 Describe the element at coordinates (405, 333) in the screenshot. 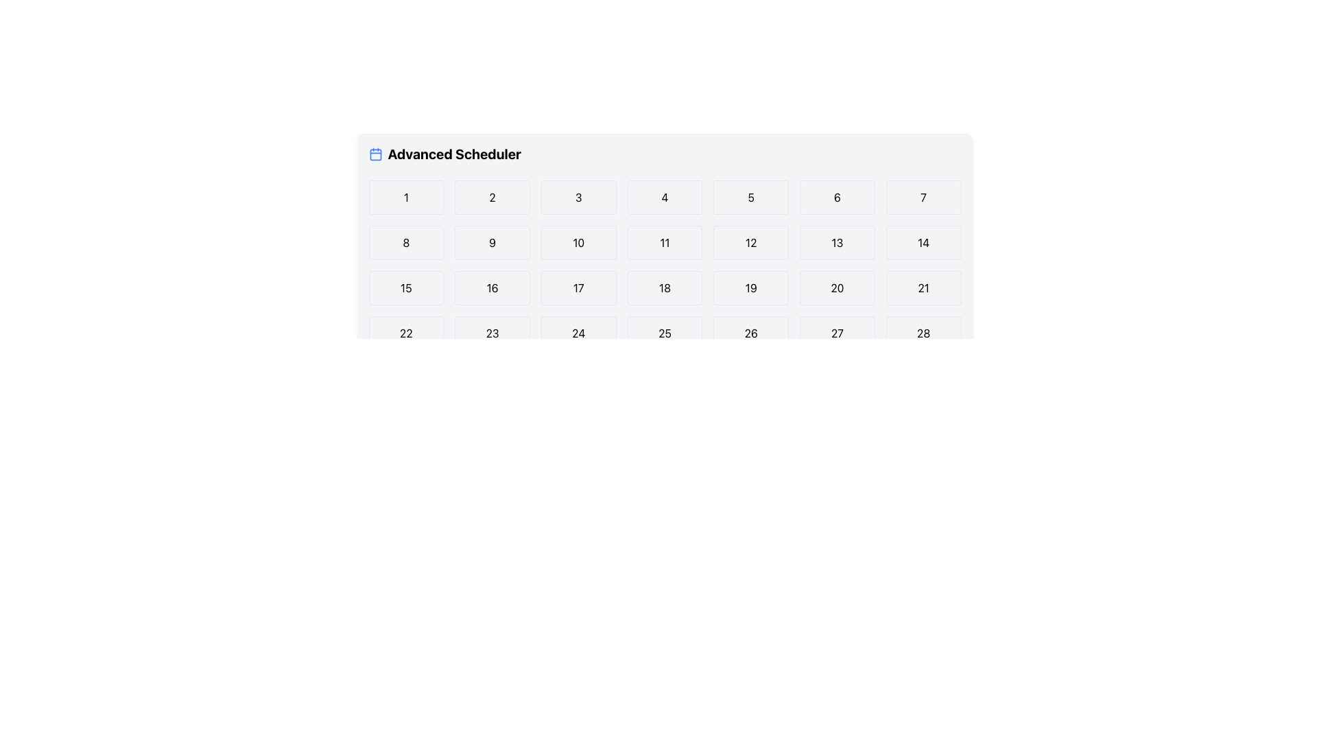

I see `the button-like grid item displaying the number '22'` at that location.